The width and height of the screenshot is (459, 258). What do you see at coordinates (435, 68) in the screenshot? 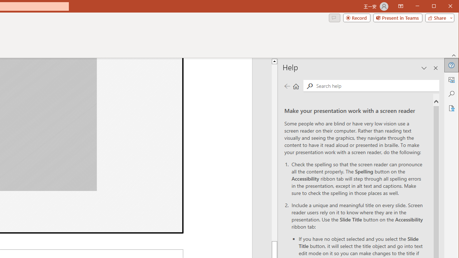
I see `'Close pane'` at bounding box center [435, 68].